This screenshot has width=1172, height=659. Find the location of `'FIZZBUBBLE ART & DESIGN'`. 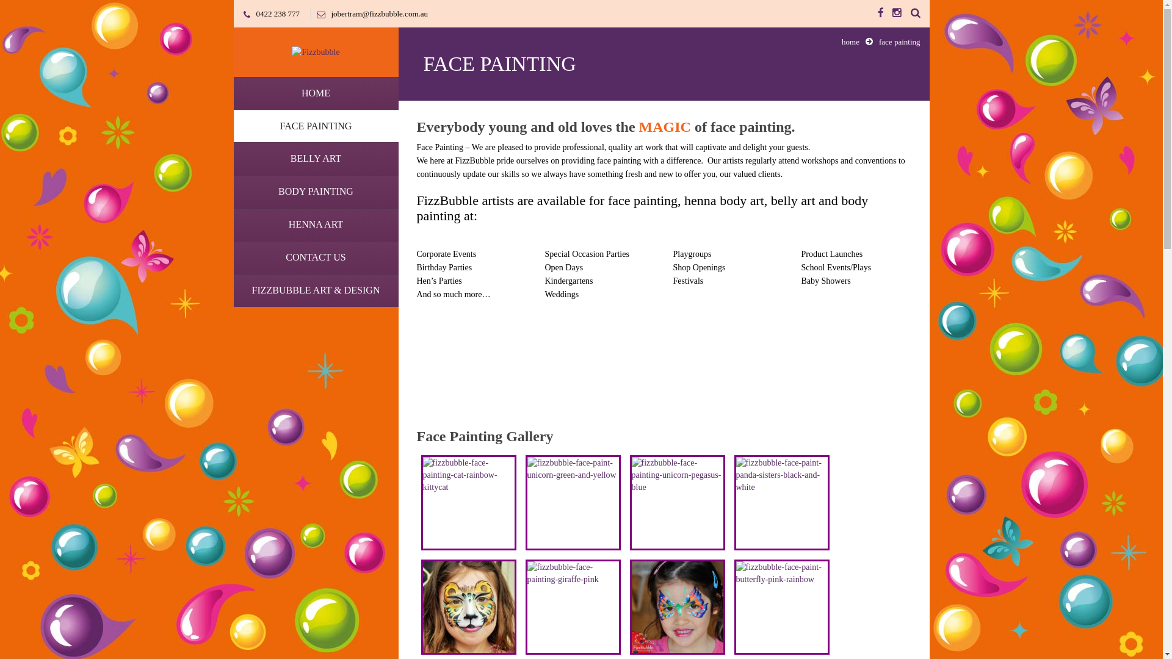

'FIZZBUBBLE ART & DESIGN' is located at coordinates (316, 290).